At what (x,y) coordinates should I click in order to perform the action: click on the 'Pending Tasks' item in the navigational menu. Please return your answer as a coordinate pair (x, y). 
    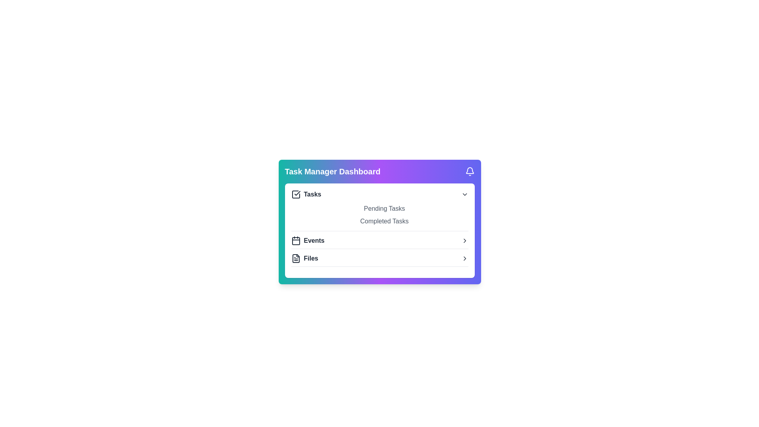
    Looking at the image, I should click on (379, 215).